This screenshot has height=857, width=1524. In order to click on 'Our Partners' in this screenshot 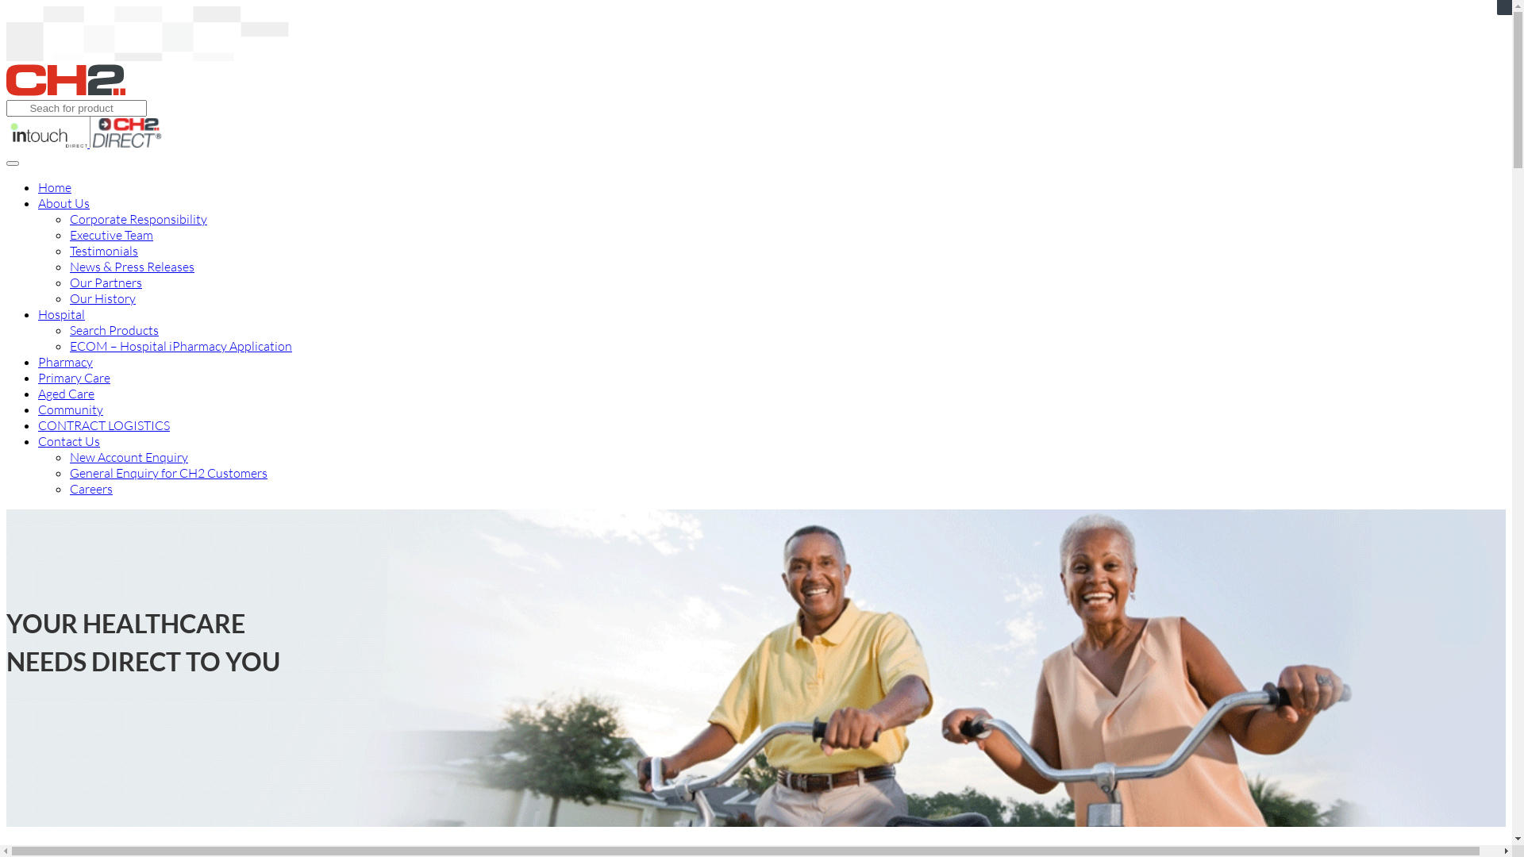, I will do `click(105, 281)`.